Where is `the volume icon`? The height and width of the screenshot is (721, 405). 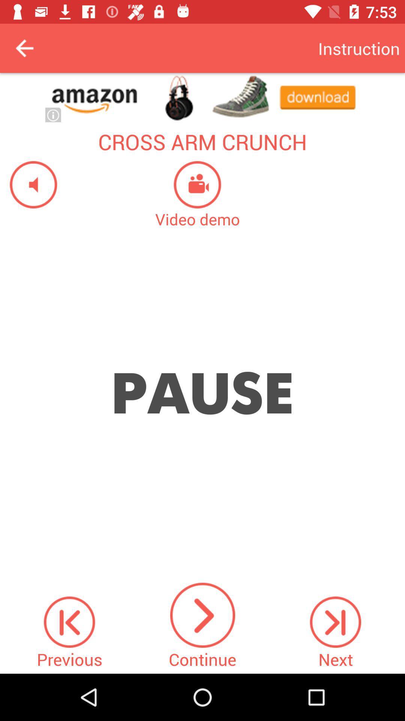 the volume icon is located at coordinates (28, 184).